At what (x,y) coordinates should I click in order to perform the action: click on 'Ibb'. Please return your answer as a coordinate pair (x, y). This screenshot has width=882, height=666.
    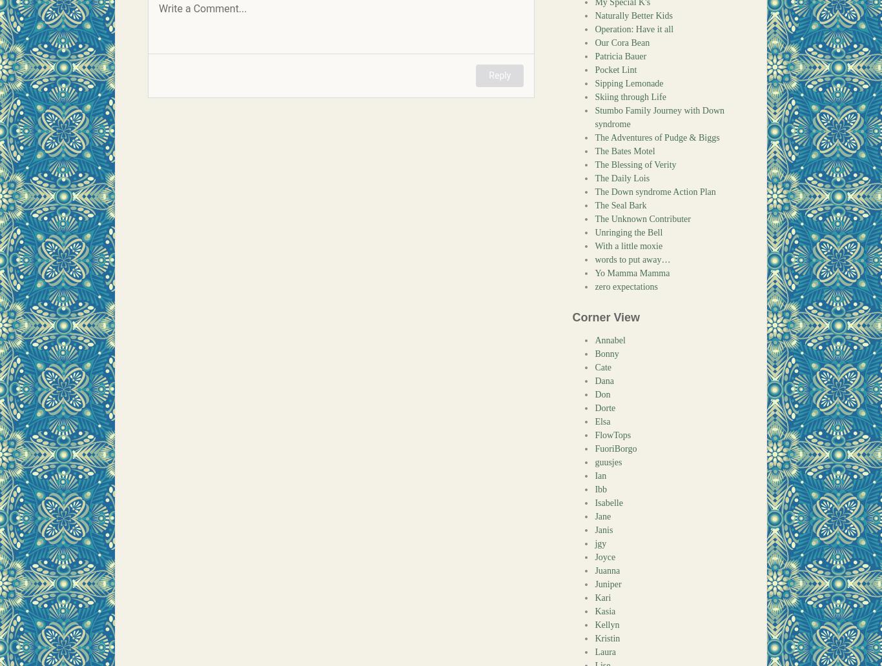
    Looking at the image, I should click on (600, 489).